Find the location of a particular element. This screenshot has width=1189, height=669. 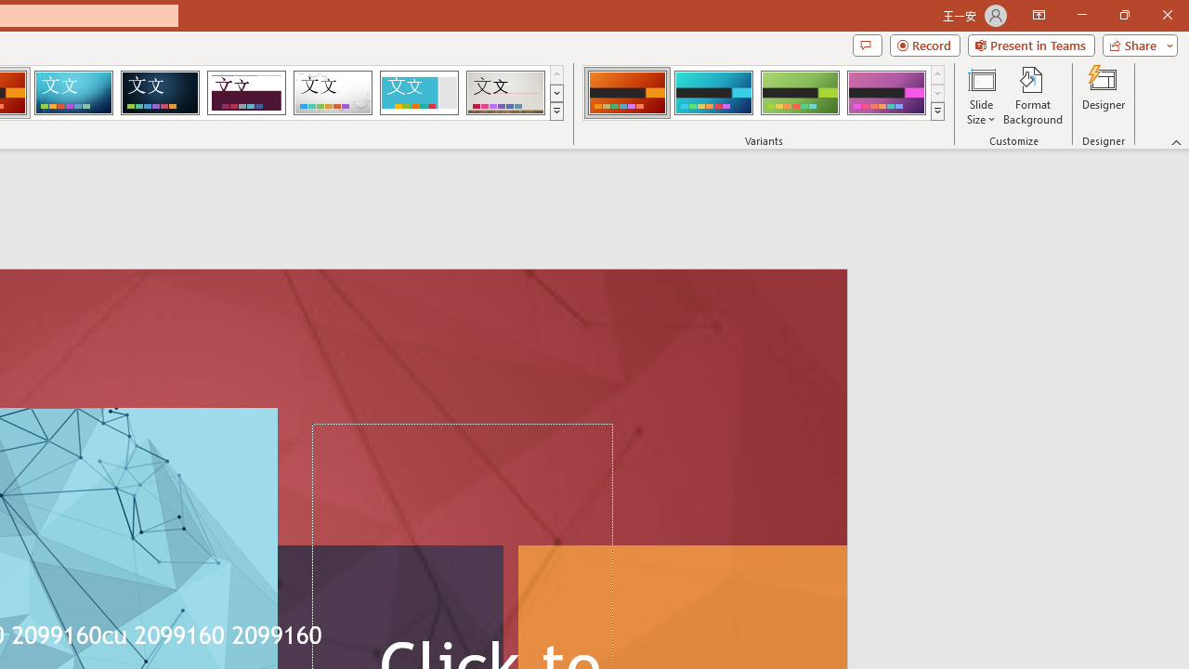

'Berlin Variant 4' is located at coordinates (885, 93).